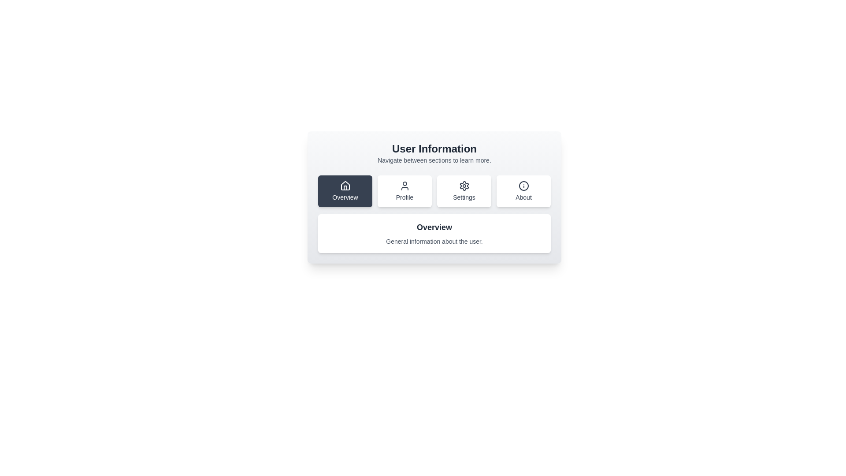  I want to click on the 'Settings' button, the third button in the horizontal row under 'User Information', for accessibility navigation, so click(464, 191).